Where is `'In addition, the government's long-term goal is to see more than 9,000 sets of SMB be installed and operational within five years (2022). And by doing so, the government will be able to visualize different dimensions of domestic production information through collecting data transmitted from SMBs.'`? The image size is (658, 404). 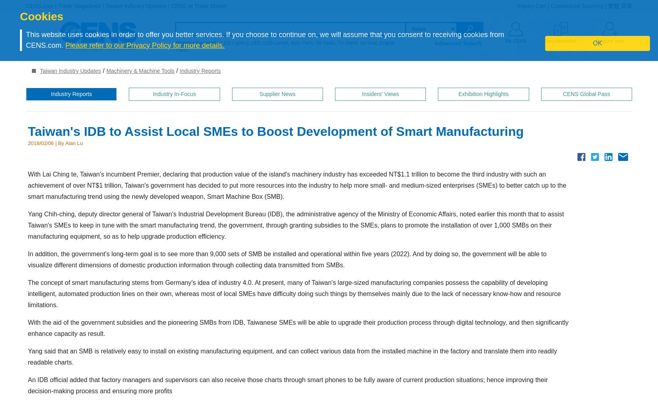
'In addition, the government's long-term goal is to see more than 9,000 sets of SMB be installed and operational within five years (2022). And by doing so, the government will be able to visualize different dimensions of domestic production information through collecting data transmitted from SMBs.' is located at coordinates (287, 259).